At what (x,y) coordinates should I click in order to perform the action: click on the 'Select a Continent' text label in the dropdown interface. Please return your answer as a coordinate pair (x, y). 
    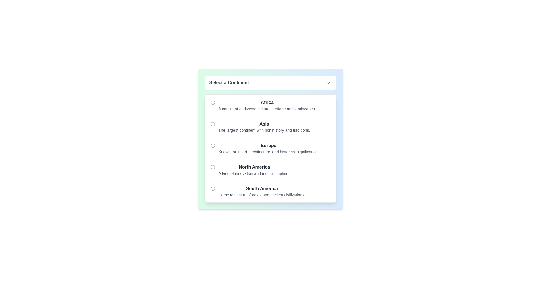
    Looking at the image, I should click on (229, 83).